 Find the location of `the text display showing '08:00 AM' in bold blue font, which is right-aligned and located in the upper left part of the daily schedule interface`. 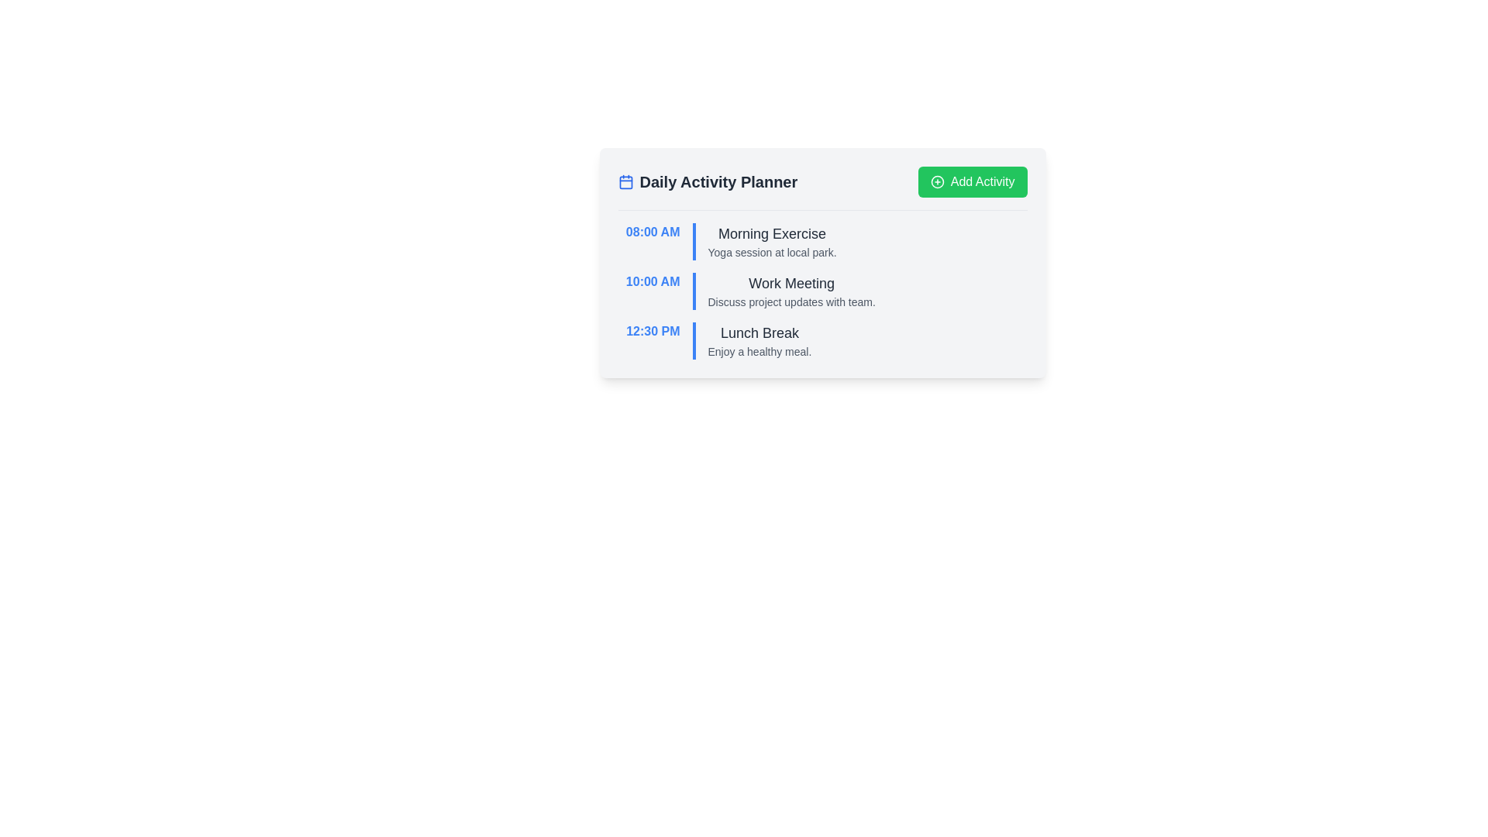

the text display showing '08:00 AM' in bold blue font, which is right-aligned and located in the upper left part of the daily schedule interface is located at coordinates (655, 242).